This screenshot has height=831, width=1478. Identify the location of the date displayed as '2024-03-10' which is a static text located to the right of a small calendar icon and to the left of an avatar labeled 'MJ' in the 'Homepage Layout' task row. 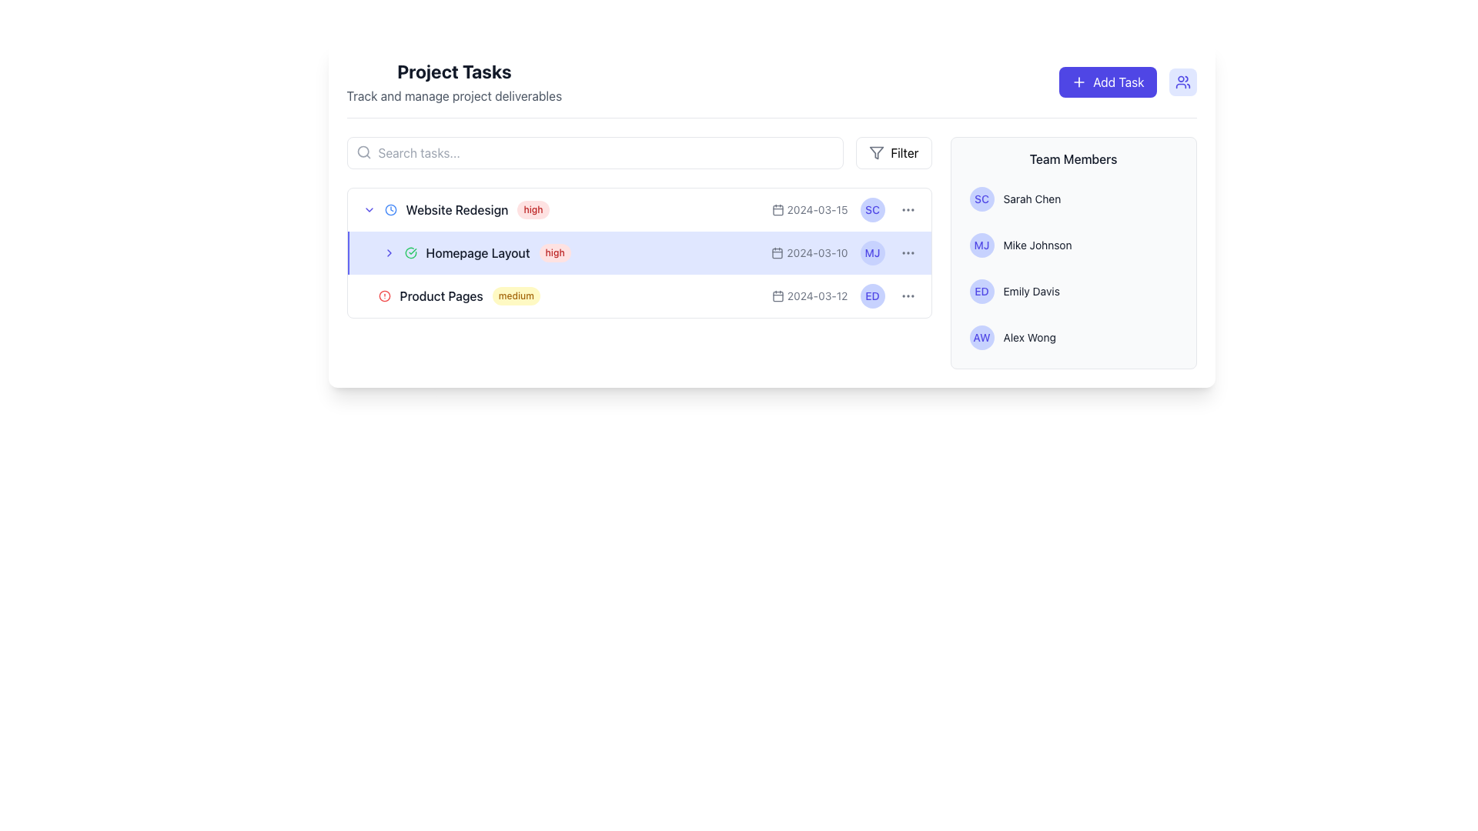
(808, 252).